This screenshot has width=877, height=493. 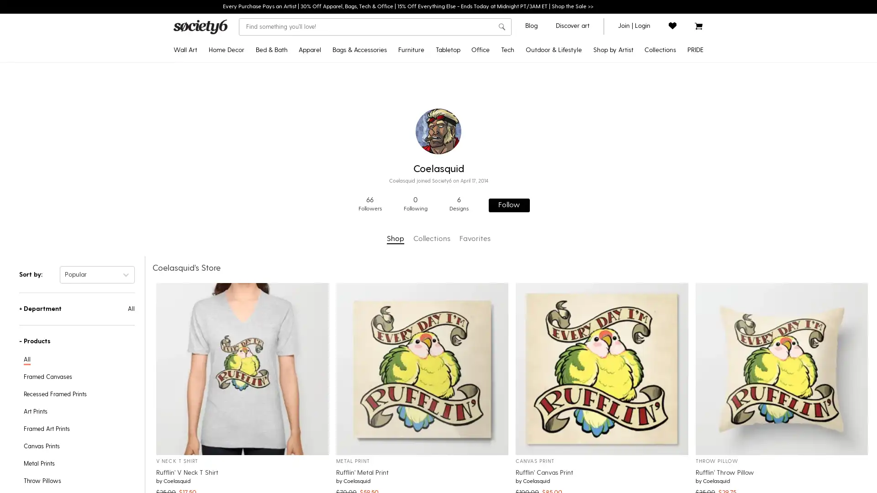 I want to click on Support Ukrainian Artists, so click(x=588, y=161).